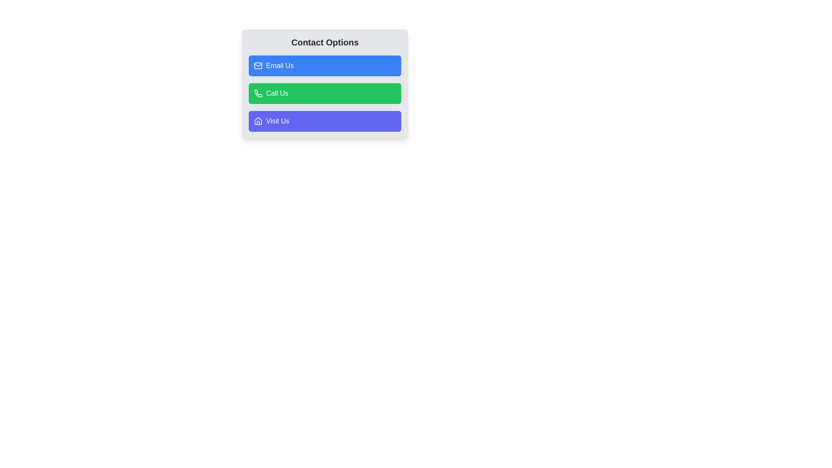 Image resolution: width=832 pixels, height=468 pixels. What do you see at coordinates (257, 65) in the screenshot?
I see `the 'Email Us' button that contains the mail icon, which is located at the top of the vertical list of buttons under 'Contact Options'` at bounding box center [257, 65].